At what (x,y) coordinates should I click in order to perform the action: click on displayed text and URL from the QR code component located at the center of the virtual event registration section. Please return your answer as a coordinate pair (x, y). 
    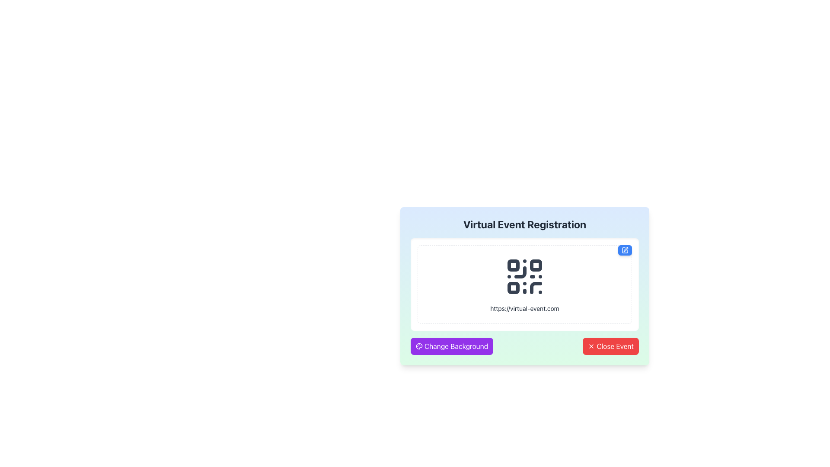
    Looking at the image, I should click on (524, 286).